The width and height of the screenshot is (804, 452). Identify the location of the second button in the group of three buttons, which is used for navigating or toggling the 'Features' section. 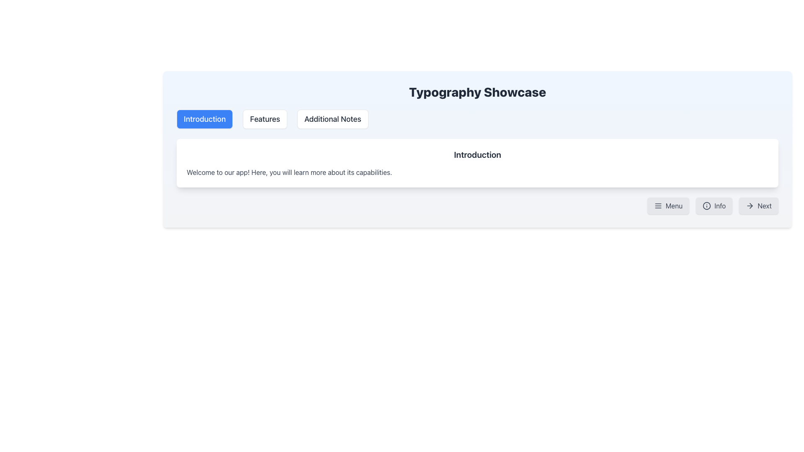
(265, 119).